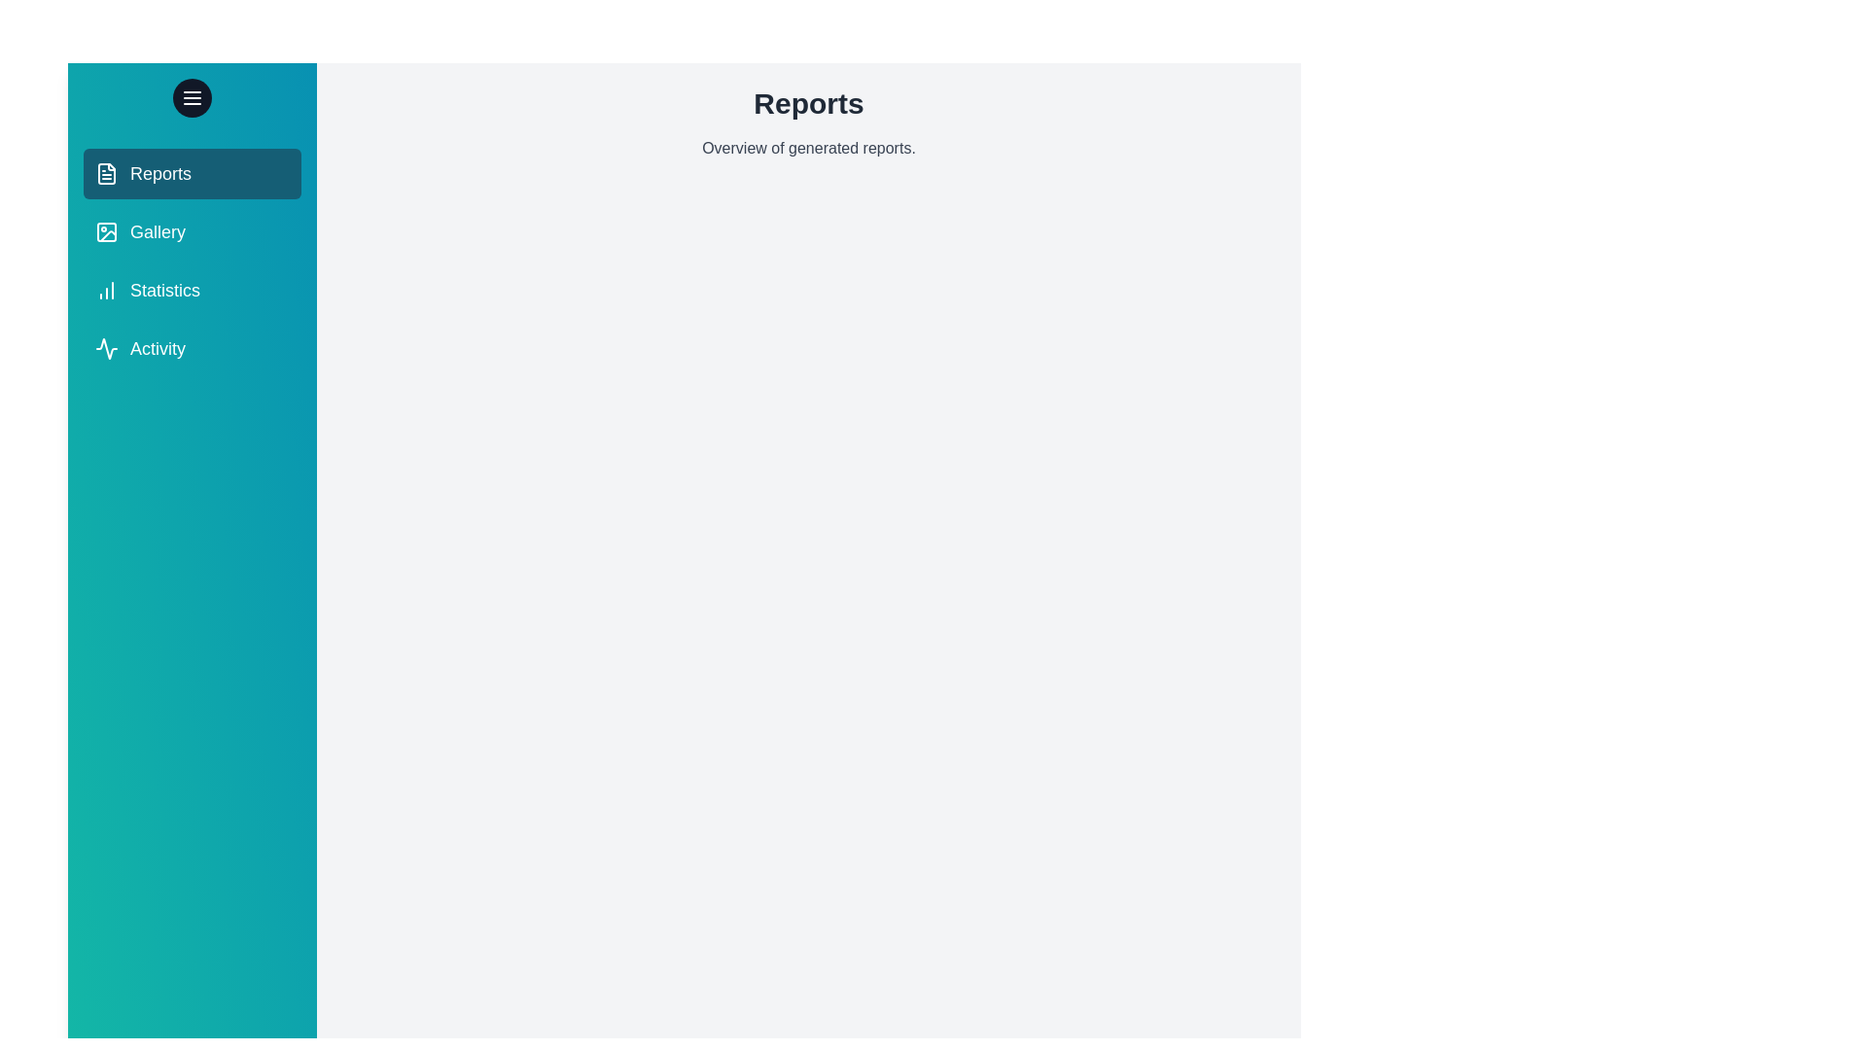 The height and width of the screenshot is (1050, 1867). Describe the element at coordinates (192, 231) in the screenshot. I see `the tab labeled Gallery from the drawer menu` at that location.